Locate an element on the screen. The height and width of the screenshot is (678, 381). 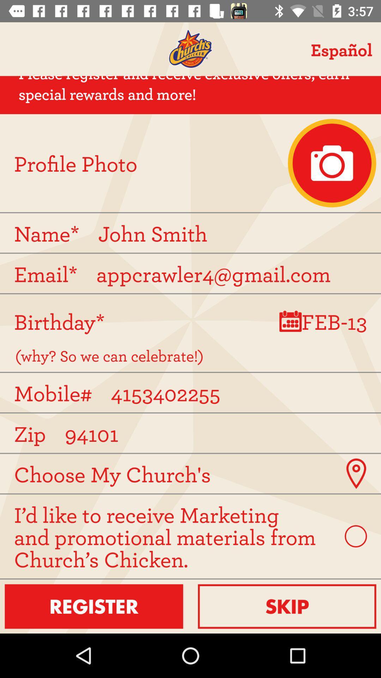
the location icon is located at coordinates (356, 474).